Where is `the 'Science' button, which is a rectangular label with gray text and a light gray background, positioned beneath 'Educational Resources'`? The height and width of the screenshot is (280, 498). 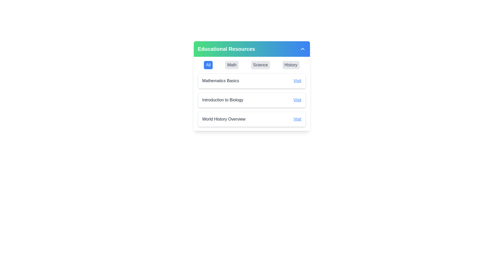 the 'Science' button, which is a rectangular label with gray text and a light gray background, positioned beneath 'Educational Resources' is located at coordinates (260, 65).